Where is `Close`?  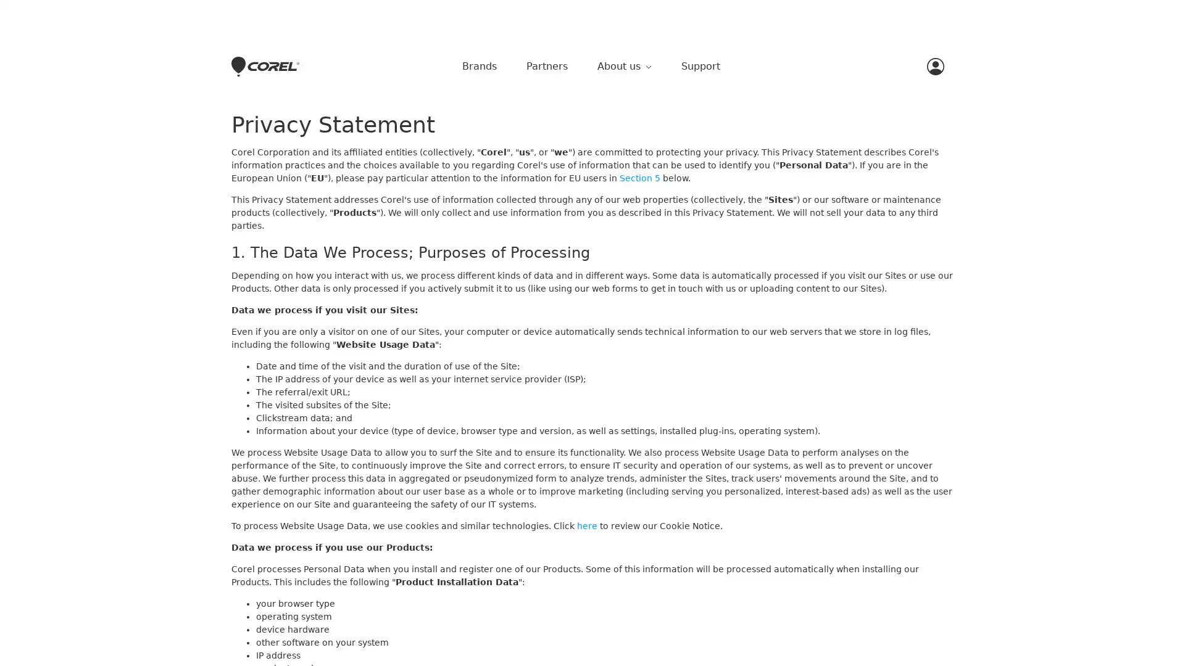
Close is located at coordinates (1164, 628).